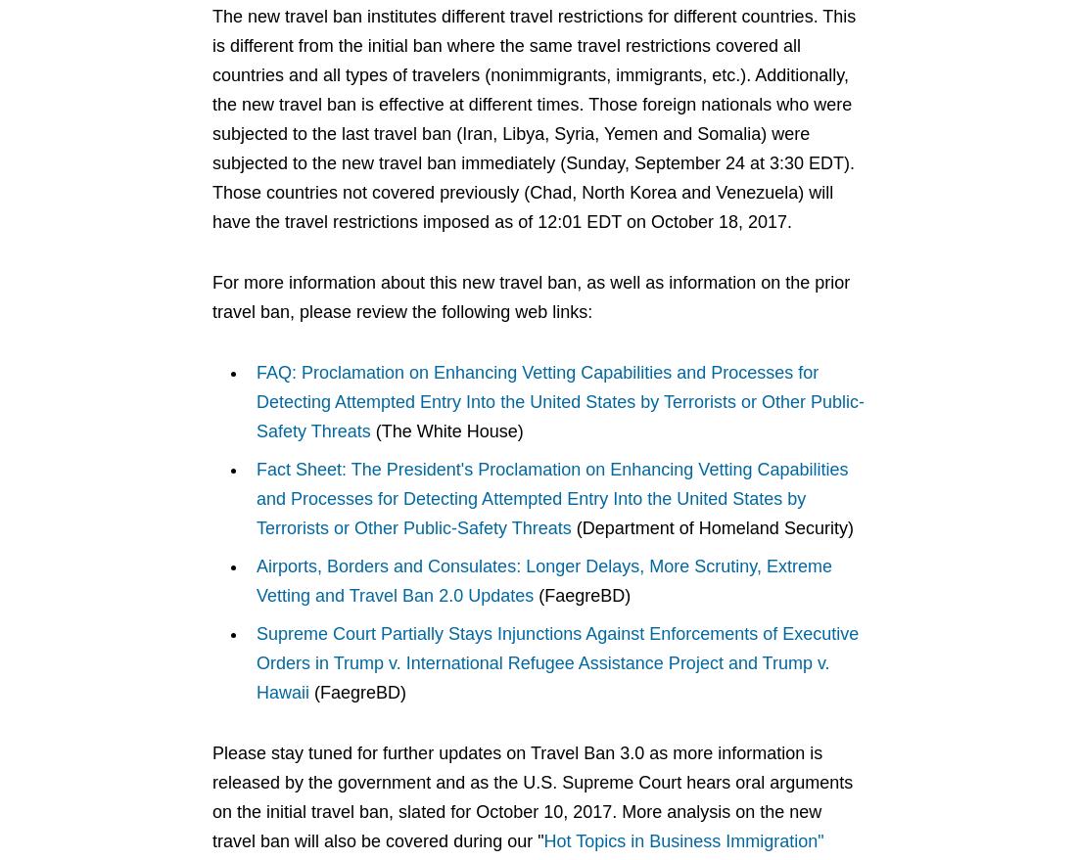 The image size is (1077, 860). What do you see at coordinates (369, 430) in the screenshot?
I see `'(The White House)'` at bounding box center [369, 430].